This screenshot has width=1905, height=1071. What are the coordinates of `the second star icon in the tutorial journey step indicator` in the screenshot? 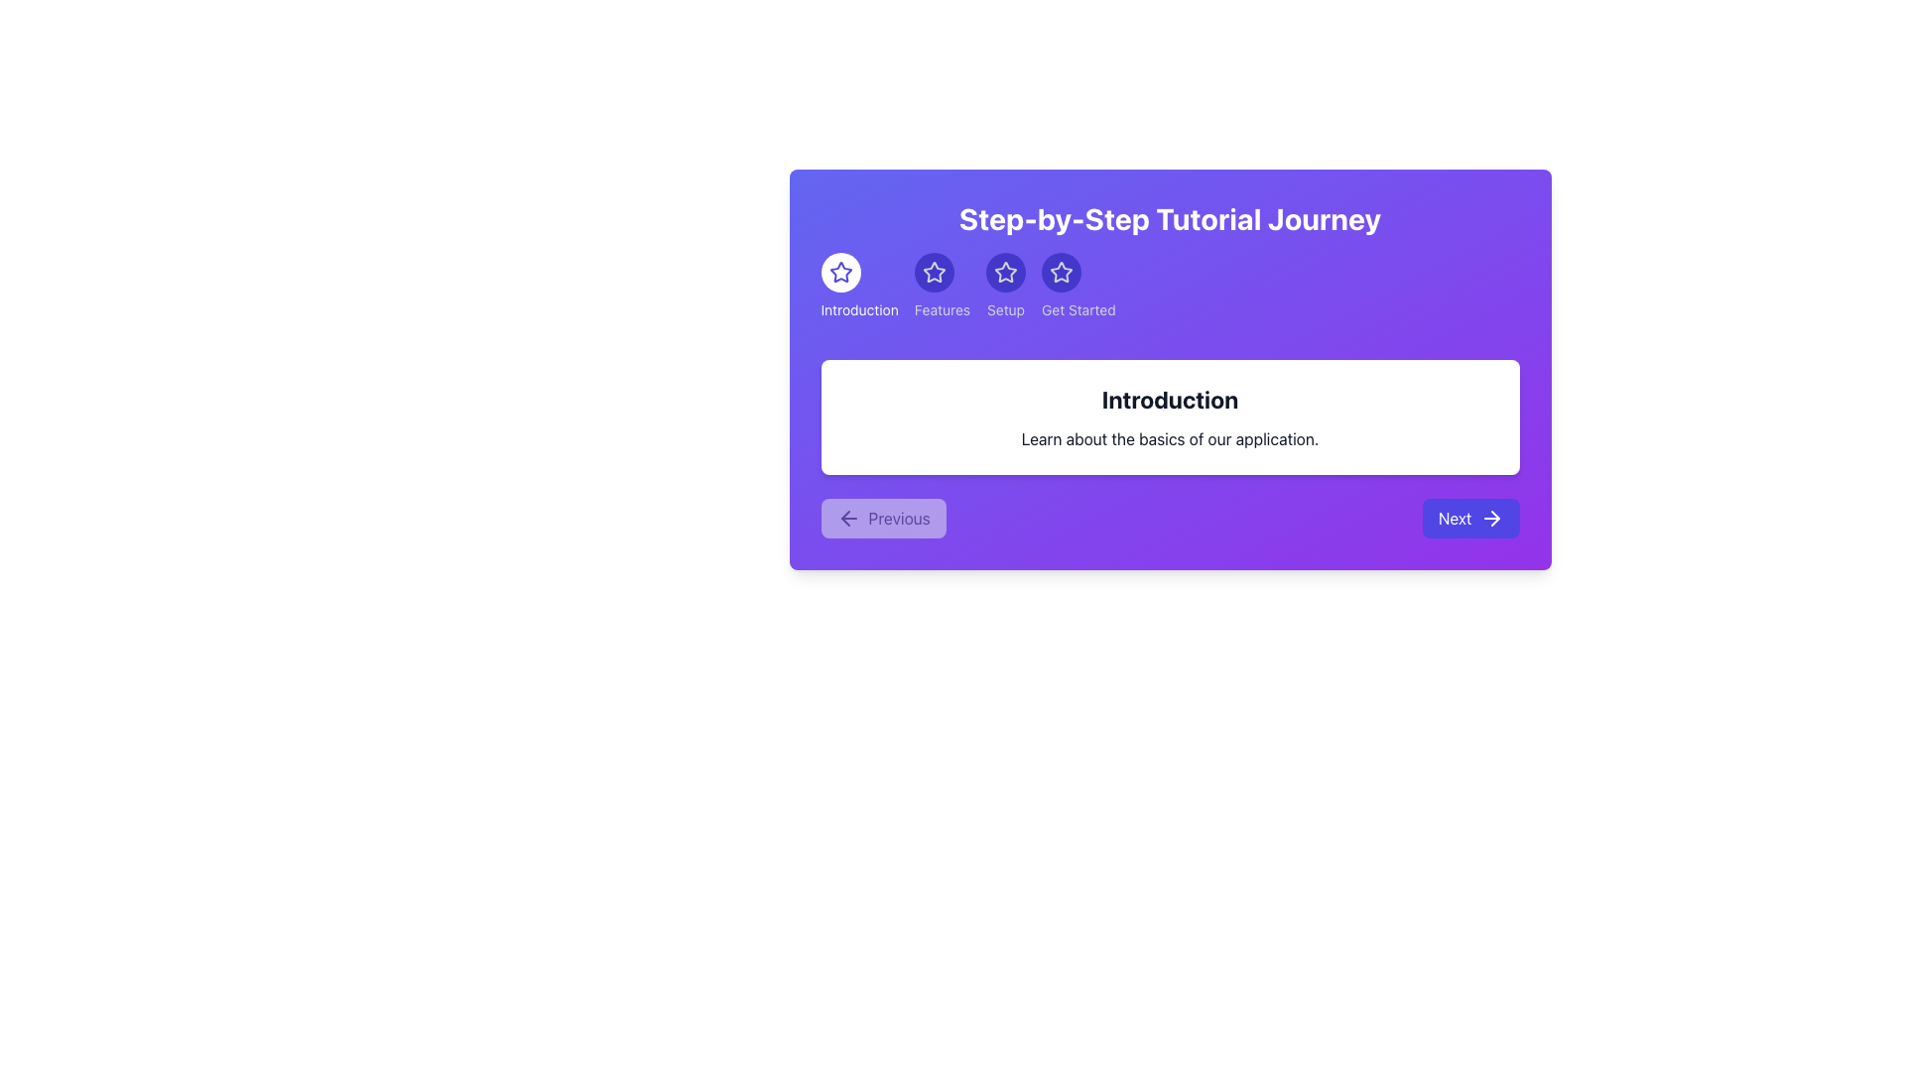 It's located at (933, 272).